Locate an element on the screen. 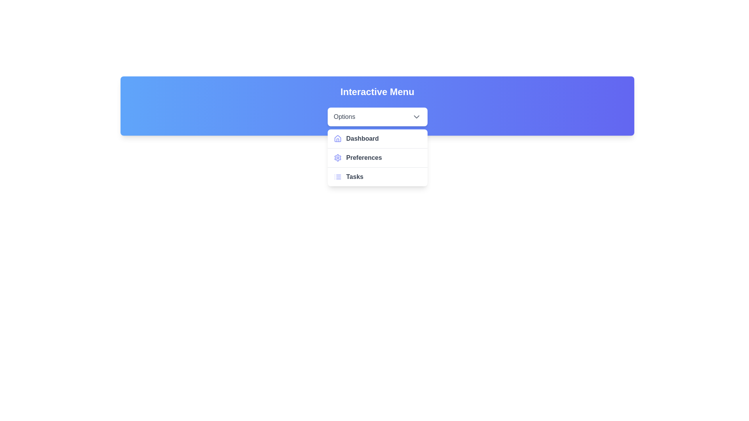 This screenshot has height=421, width=749. the 'Options' dropdown menu is located at coordinates (377, 117).